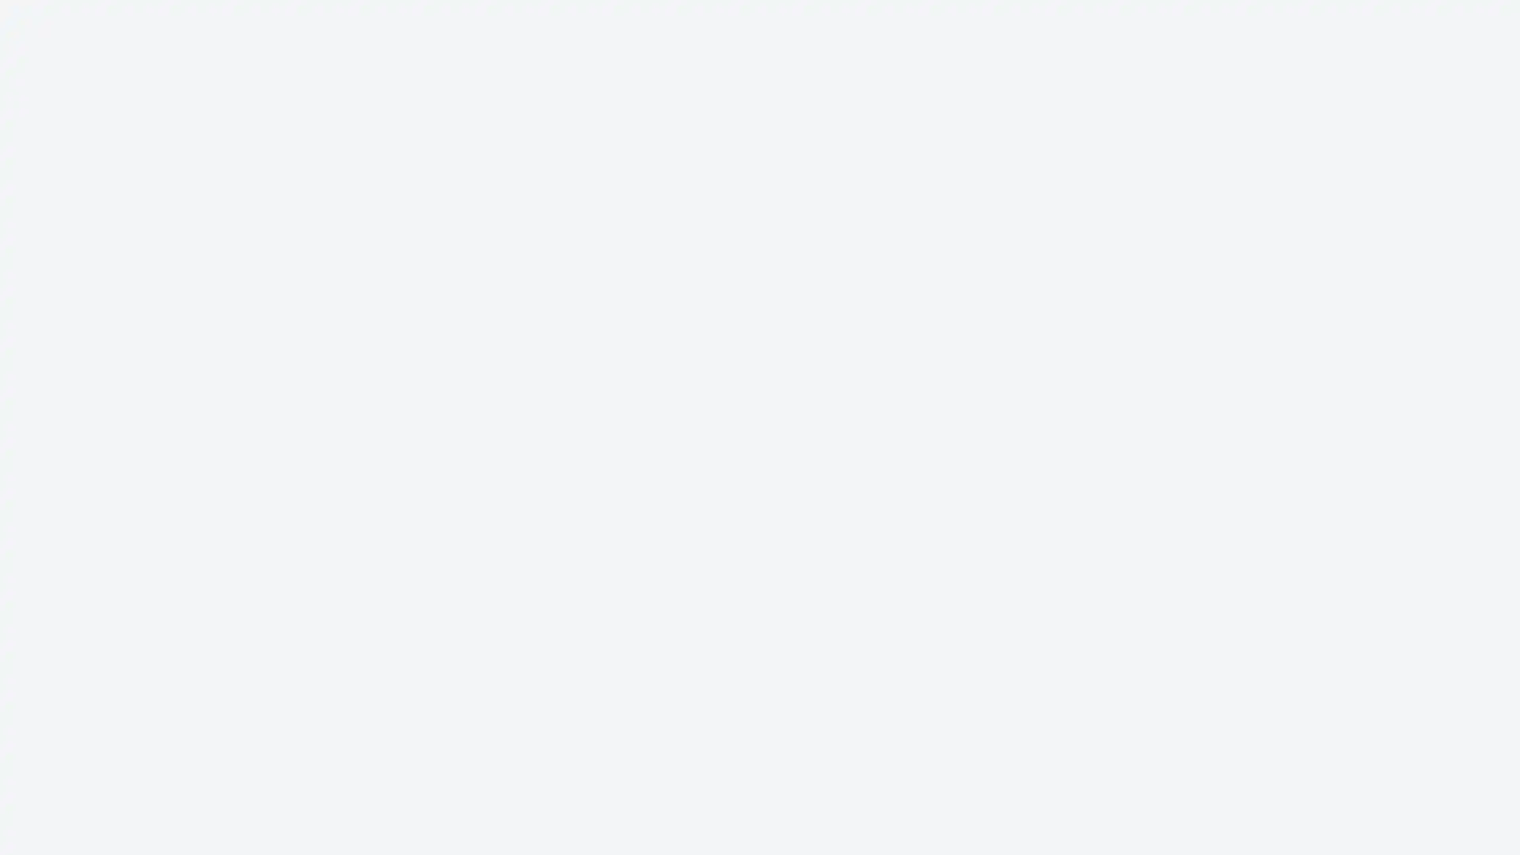 The width and height of the screenshot is (1520, 855). What do you see at coordinates (1428, 814) in the screenshot?
I see `Accept` at bounding box center [1428, 814].